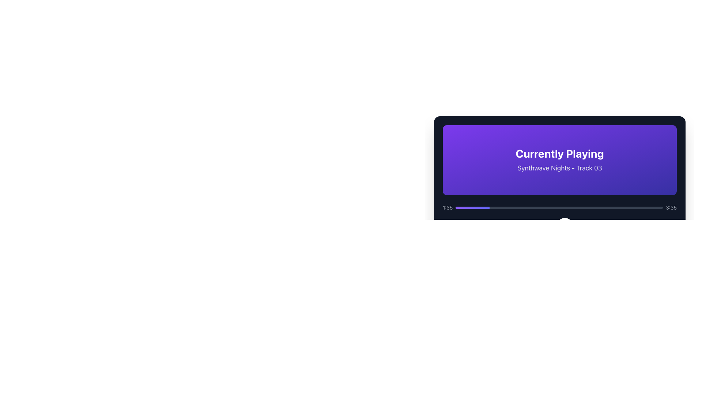 The height and width of the screenshot is (395, 702). Describe the element at coordinates (654, 207) in the screenshot. I see `the playback progress` at that location.